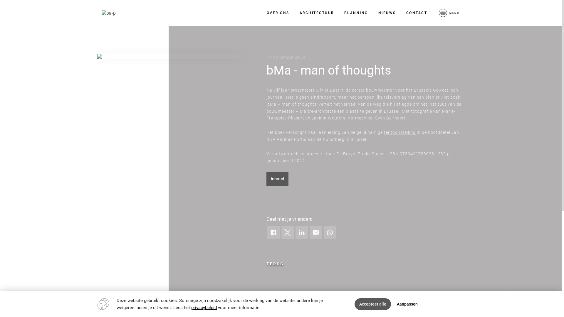 The image size is (564, 317). What do you see at coordinates (437, 13) in the screenshot?
I see `'MENU'` at bounding box center [437, 13].